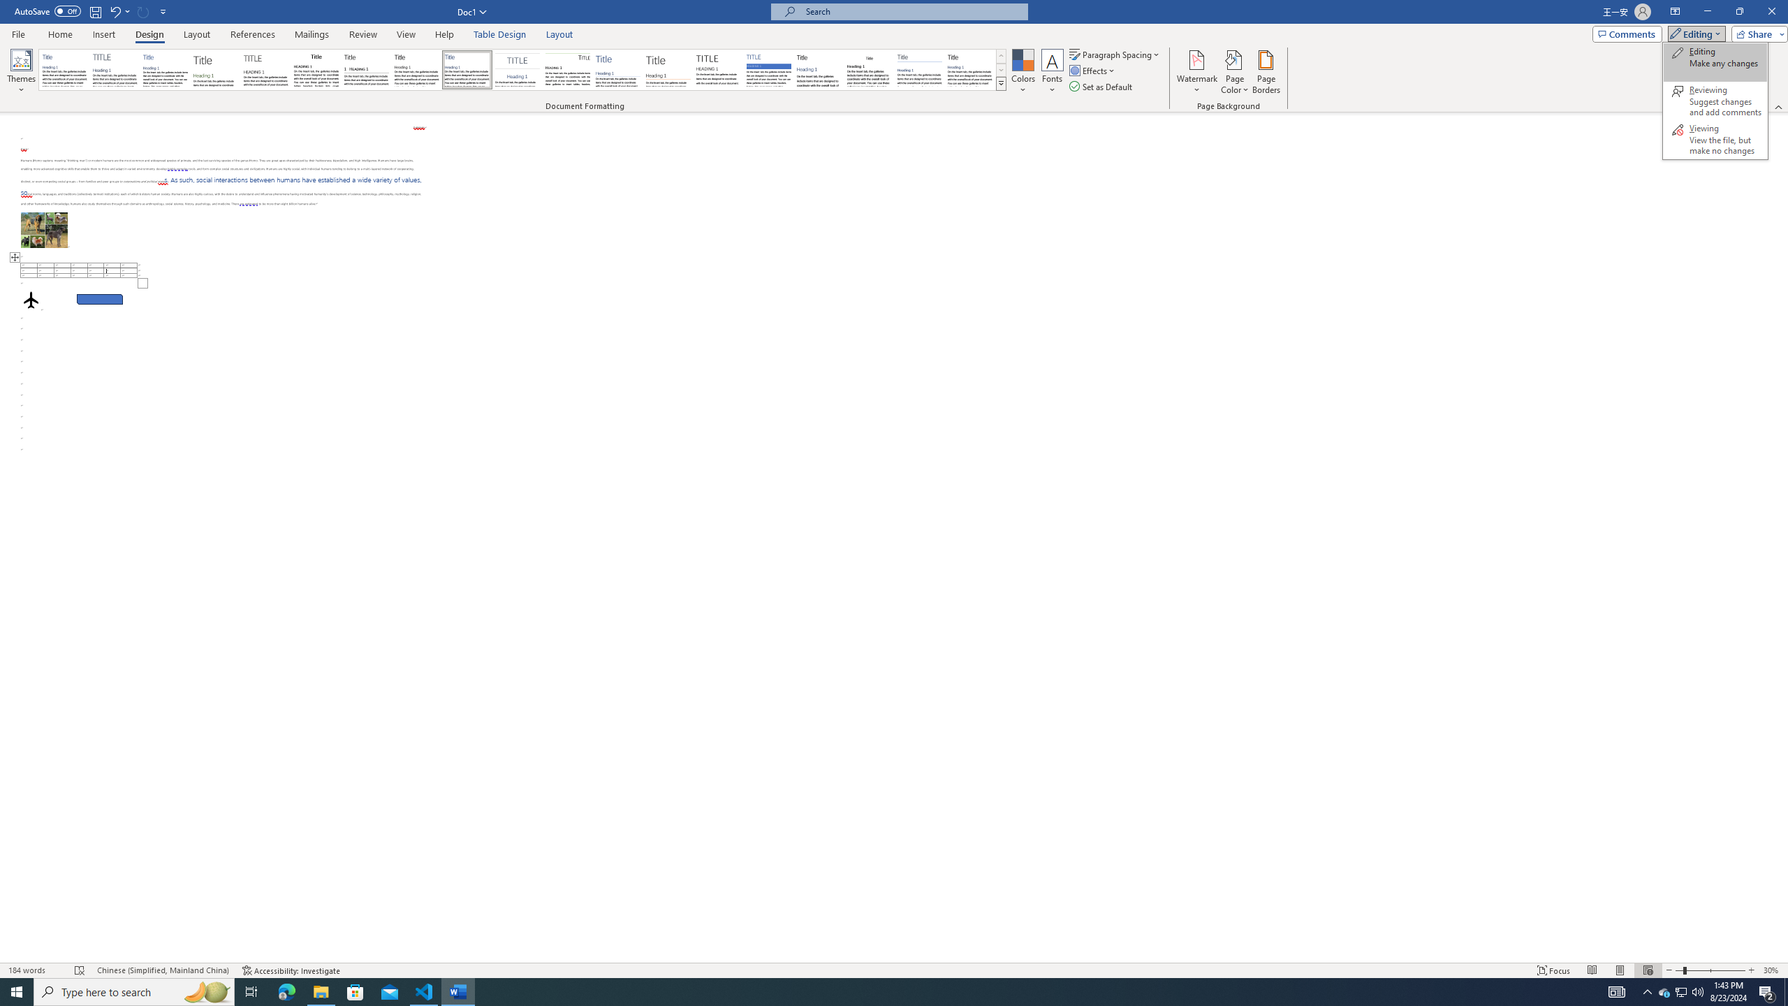 The width and height of the screenshot is (1788, 1006). What do you see at coordinates (416, 69) in the screenshot?
I see `'Black & White (Word 2013)'` at bounding box center [416, 69].